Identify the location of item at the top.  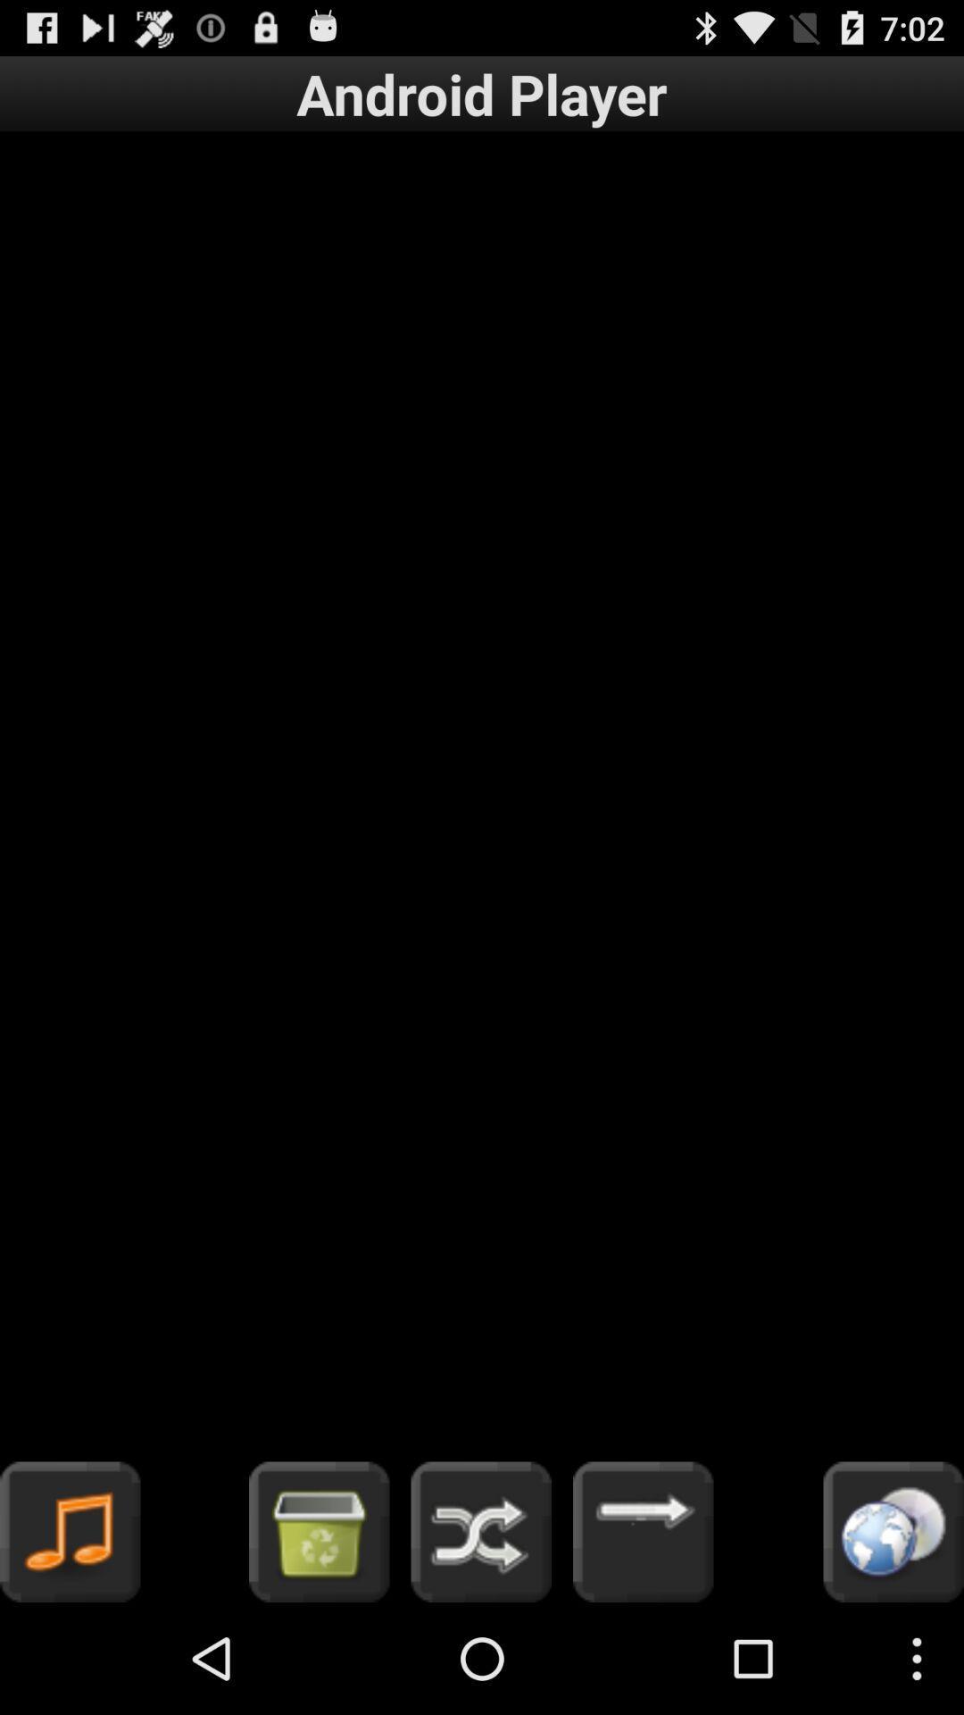
(482, 93).